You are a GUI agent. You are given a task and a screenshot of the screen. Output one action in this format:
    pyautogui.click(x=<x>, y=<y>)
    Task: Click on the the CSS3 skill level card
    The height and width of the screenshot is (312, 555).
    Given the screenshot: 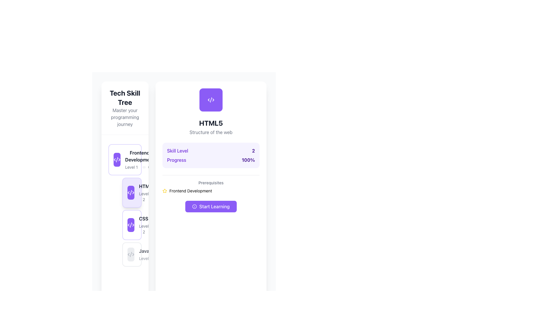 What is the action you would take?
    pyautogui.click(x=125, y=225)
    